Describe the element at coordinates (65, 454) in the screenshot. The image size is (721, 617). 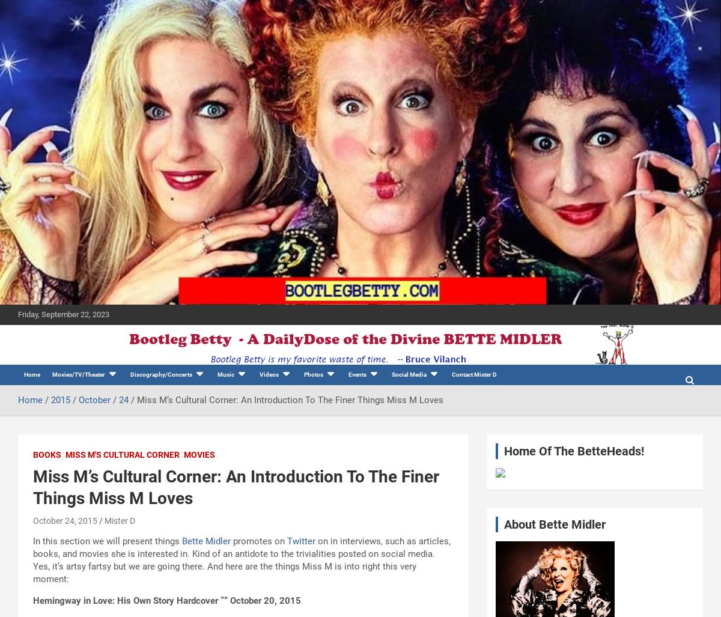
I see `'Miss M's Cultural Corner'` at that location.